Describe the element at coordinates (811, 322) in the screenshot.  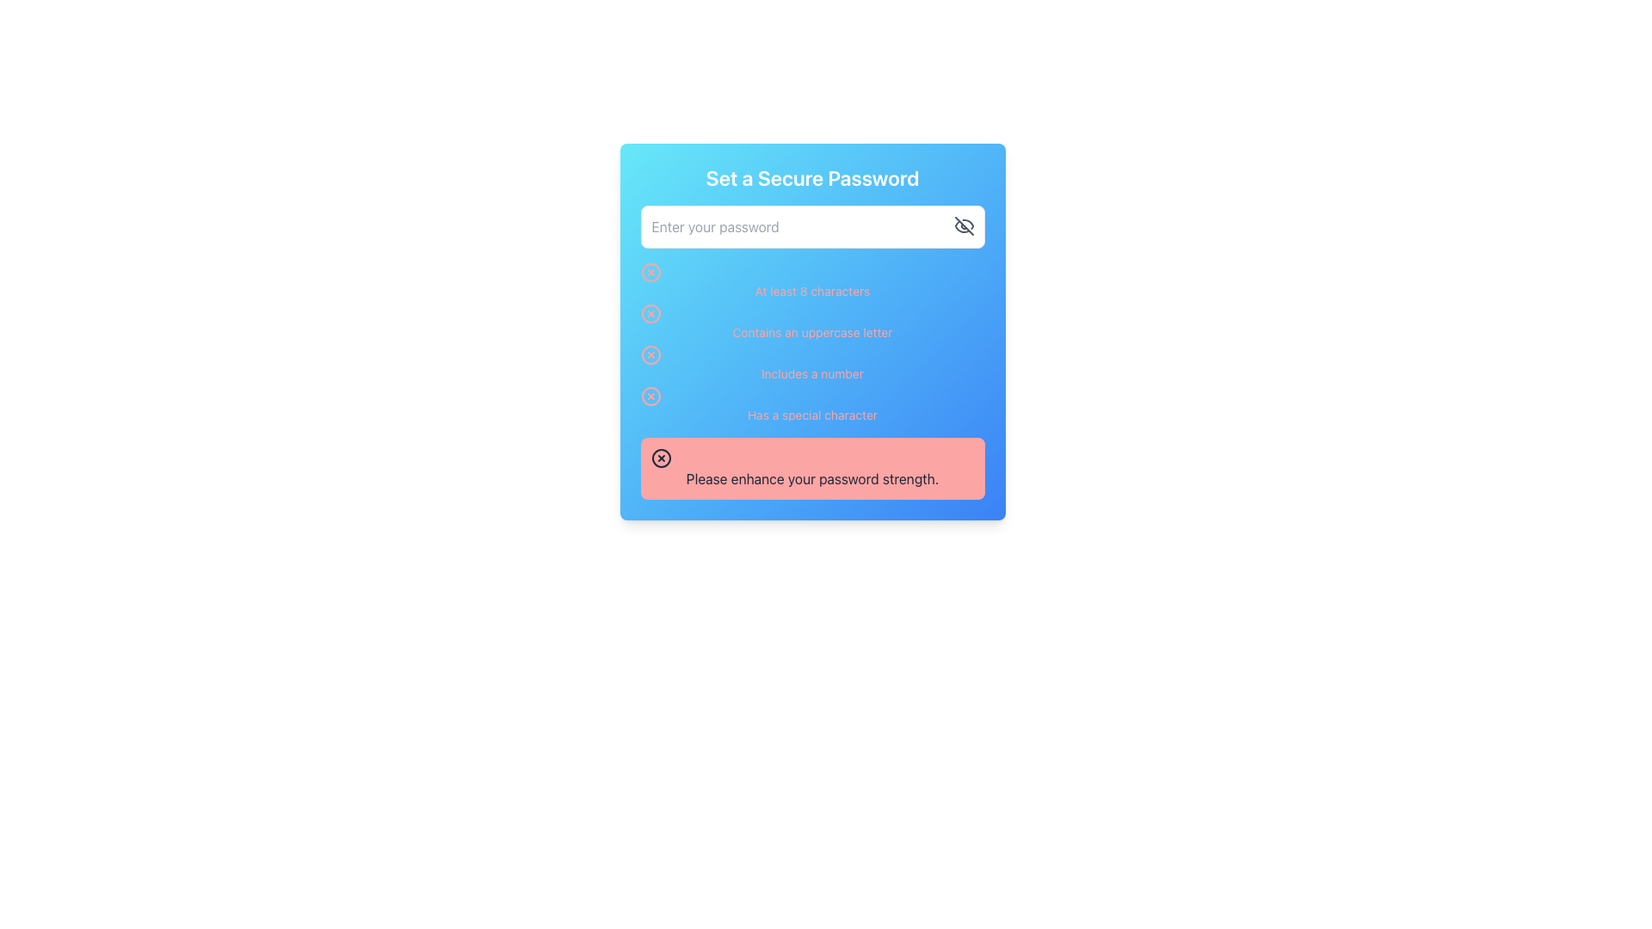
I see `instruction from the text message styled in light red that reads 'Contains an uppercase letter', which is the second item in the password validation messages list` at that location.